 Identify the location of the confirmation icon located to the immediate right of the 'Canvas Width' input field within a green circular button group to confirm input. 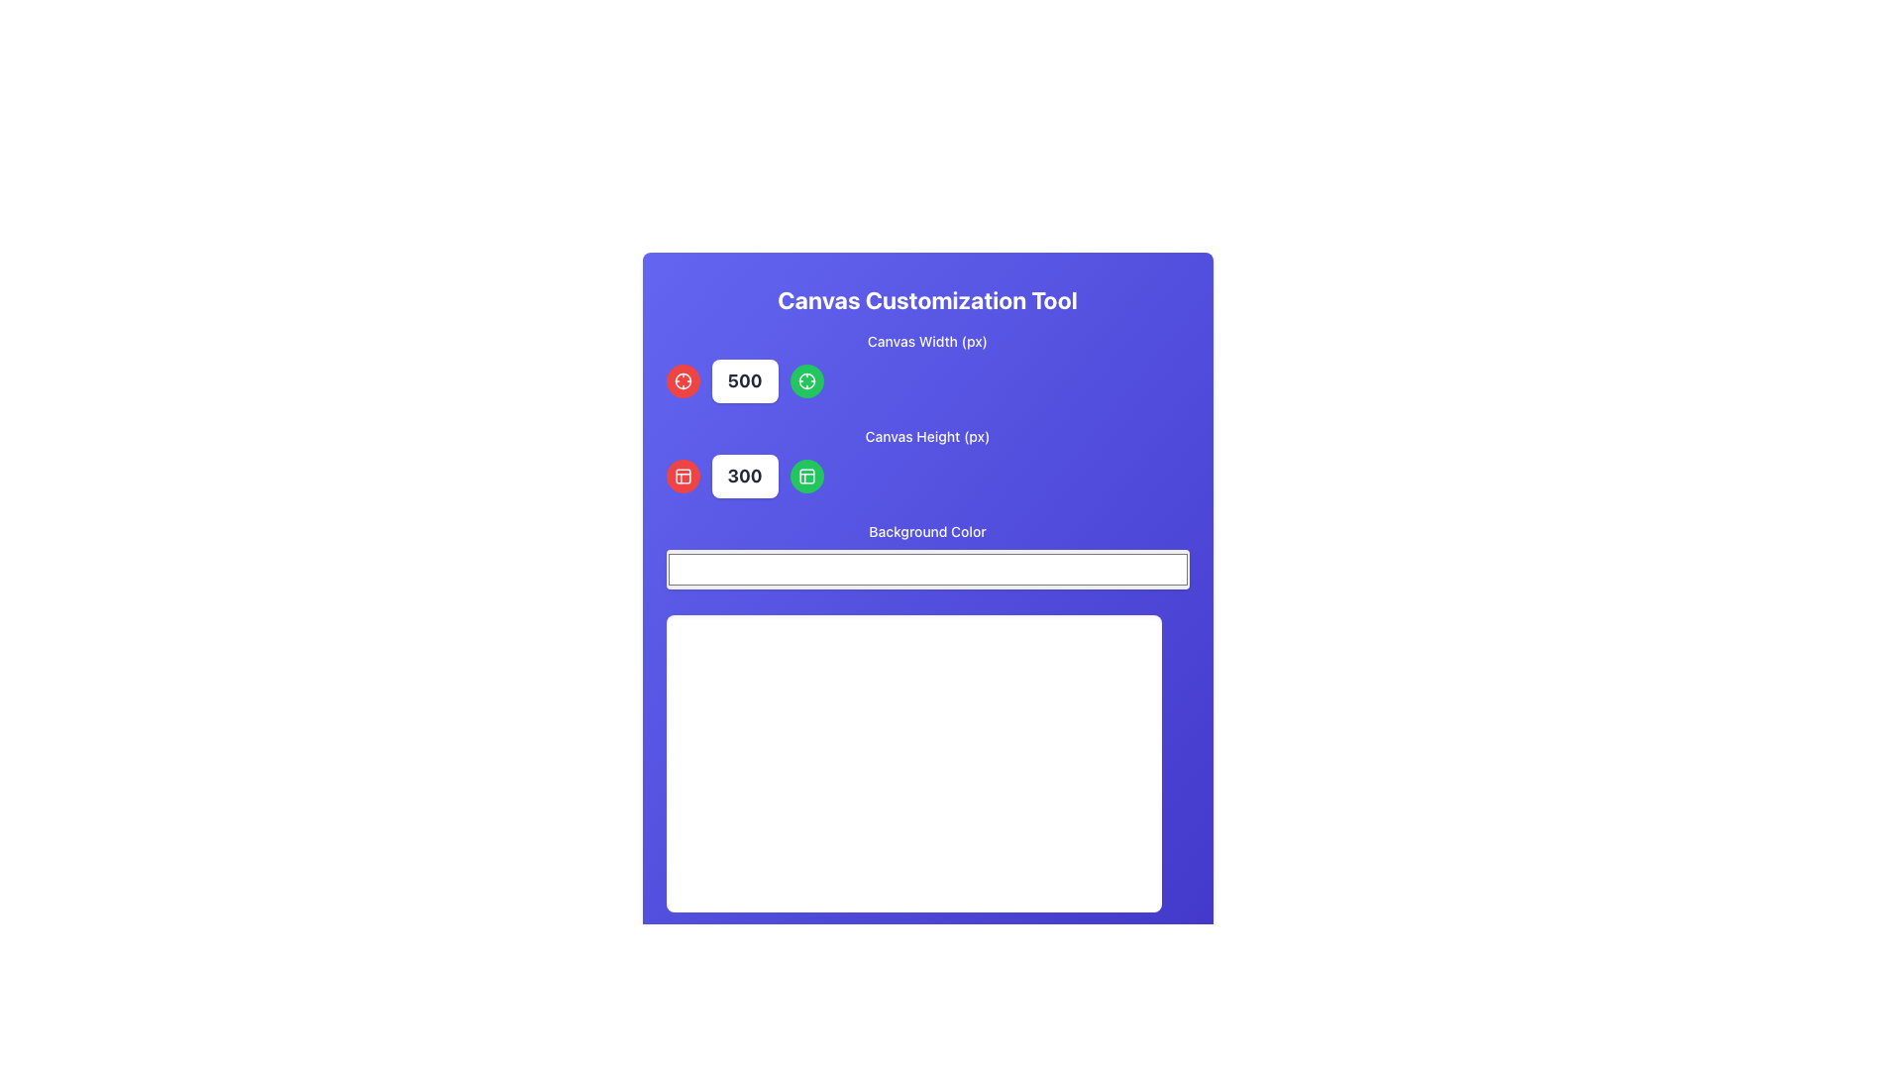
(806, 381).